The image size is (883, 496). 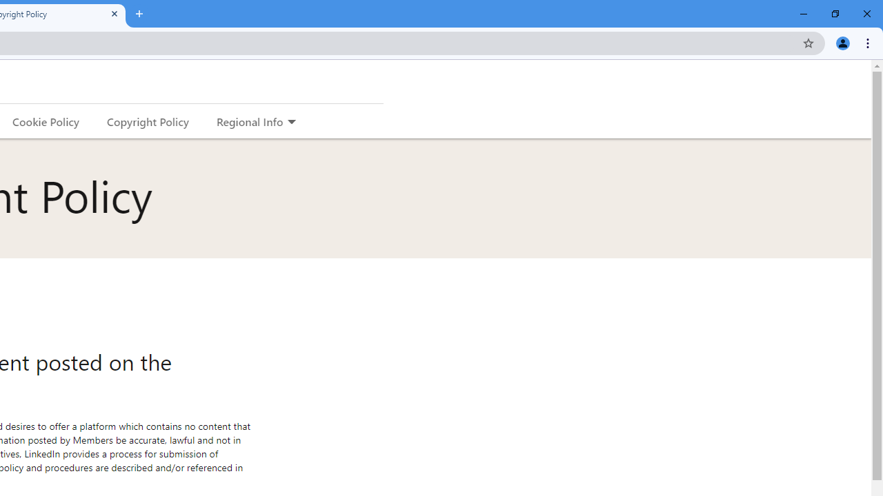 What do you see at coordinates (46, 121) in the screenshot?
I see `'Cookie Policy'` at bounding box center [46, 121].